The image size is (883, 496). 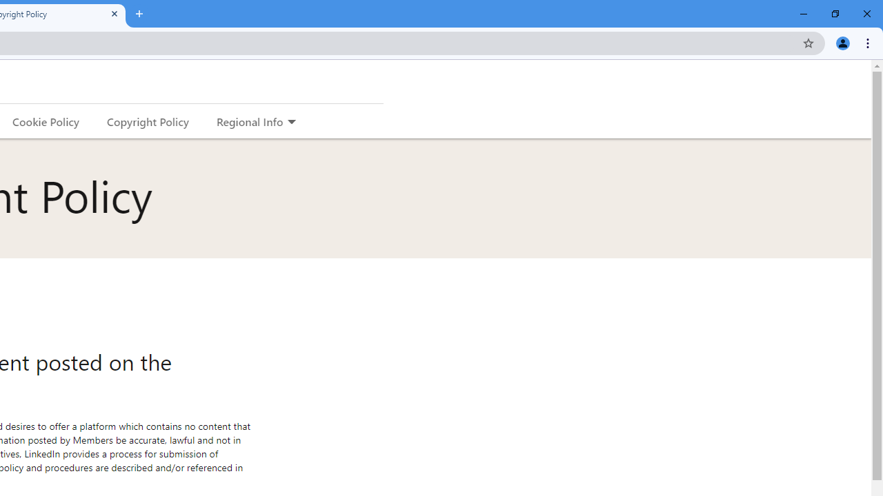 What do you see at coordinates (46, 121) in the screenshot?
I see `'Cookie Policy'` at bounding box center [46, 121].